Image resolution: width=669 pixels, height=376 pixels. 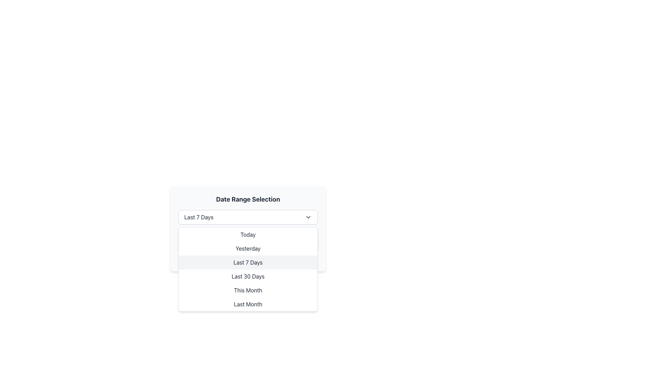 What do you see at coordinates (308, 217) in the screenshot?
I see `the dropdown icon located on the right side of the 'Last 7 Days' button` at bounding box center [308, 217].